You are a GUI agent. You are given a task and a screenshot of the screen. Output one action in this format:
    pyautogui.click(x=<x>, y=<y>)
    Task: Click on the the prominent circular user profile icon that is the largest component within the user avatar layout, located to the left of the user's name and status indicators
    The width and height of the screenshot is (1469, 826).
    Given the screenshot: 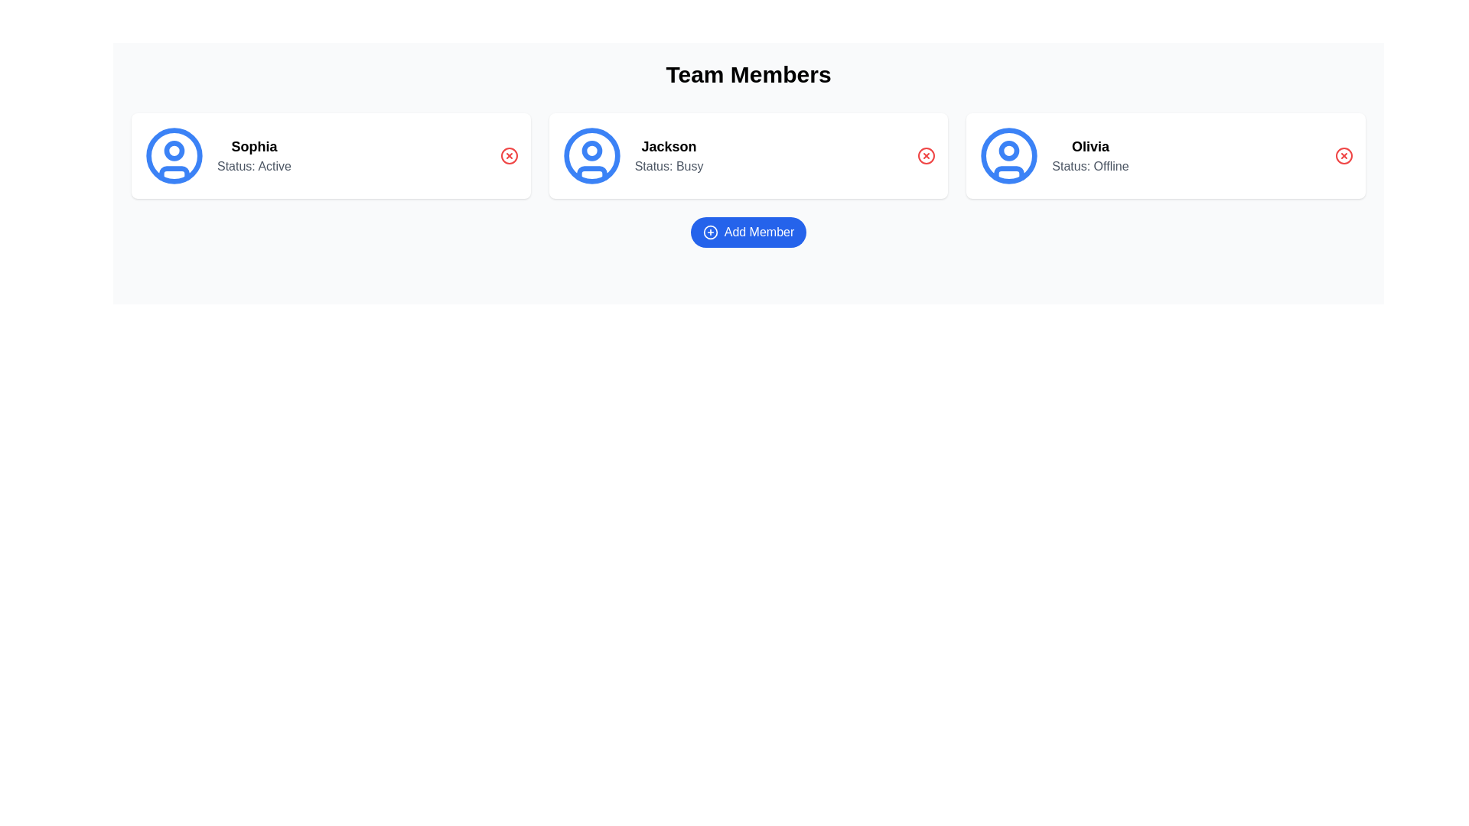 What is the action you would take?
    pyautogui.click(x=591, y=156)
    